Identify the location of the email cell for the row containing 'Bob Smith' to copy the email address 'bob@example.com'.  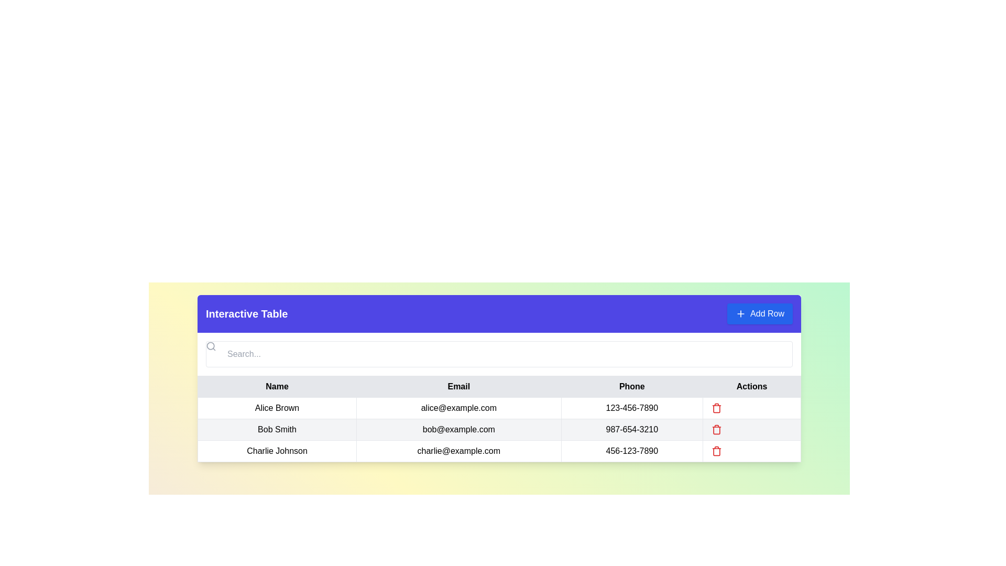
(499, 430).